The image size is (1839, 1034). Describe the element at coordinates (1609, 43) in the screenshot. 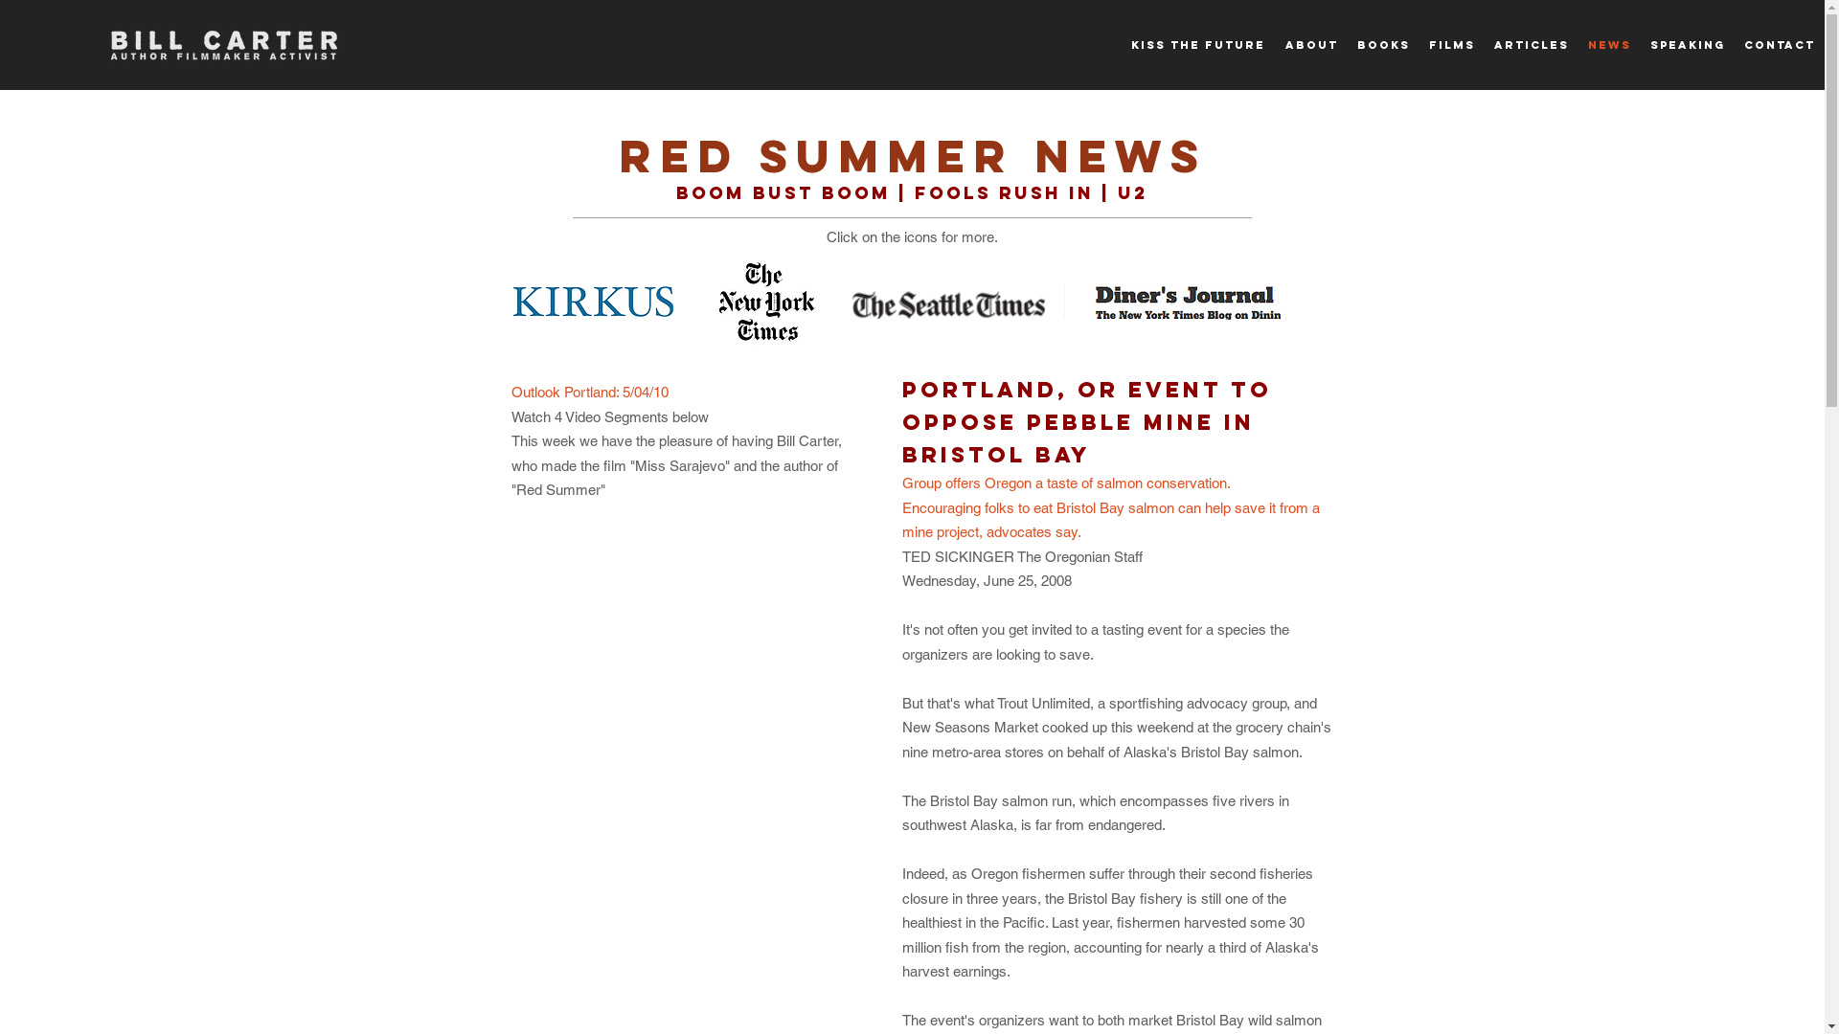

I see `'NEWS'` at that location.